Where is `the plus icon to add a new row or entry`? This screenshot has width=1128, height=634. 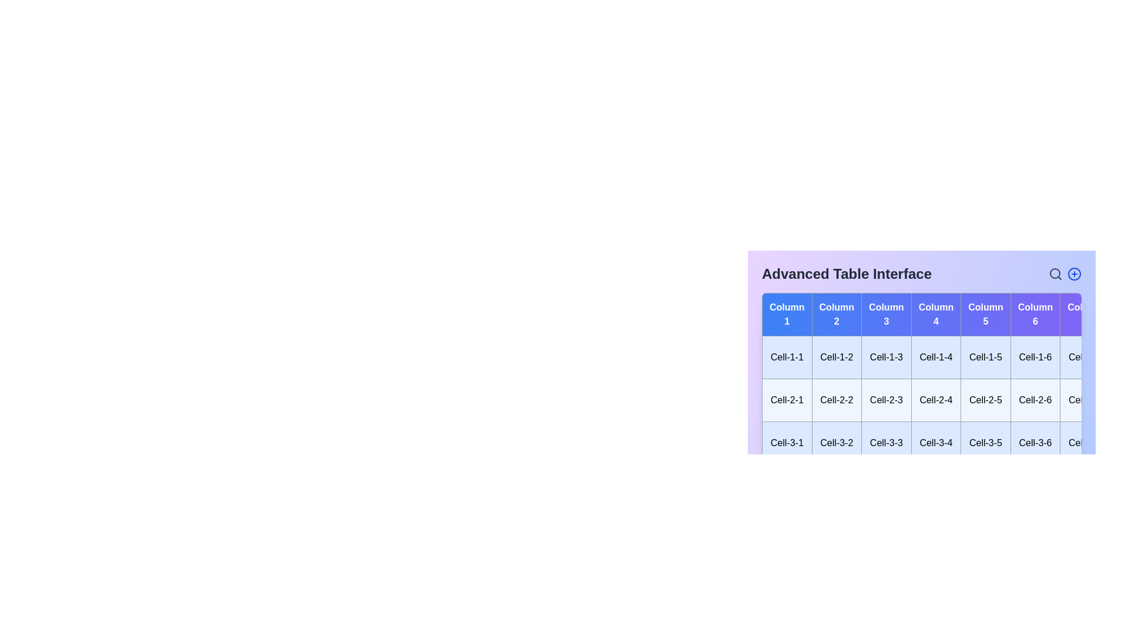
the plus icon to add a new row or entry is located at coordinates (1074, 274).